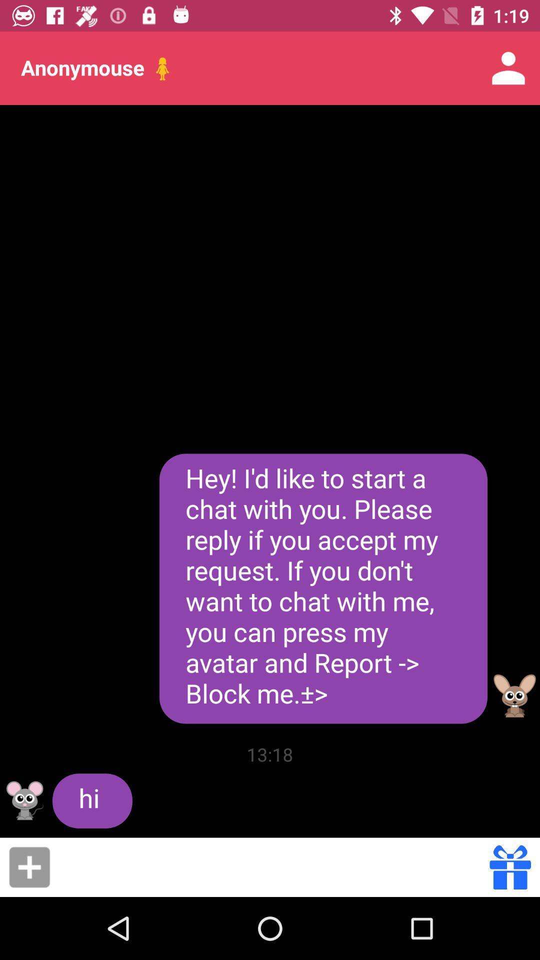 This screenshot has height=960, width=540. I want to click on open user profile, so click(514, 695).